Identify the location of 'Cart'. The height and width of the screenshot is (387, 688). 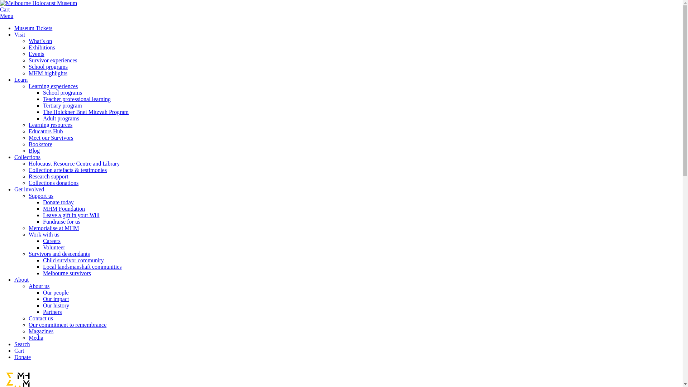
(5, 9).